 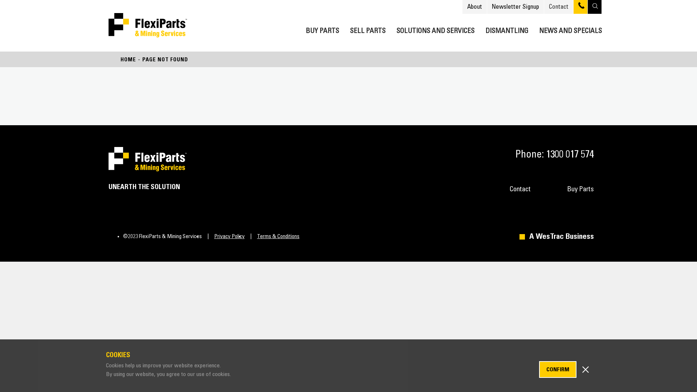 What do you see at coordinates (322, 29) in the screenshot?
I see `'BUY PARTS'` at bounding box center [322, 29].